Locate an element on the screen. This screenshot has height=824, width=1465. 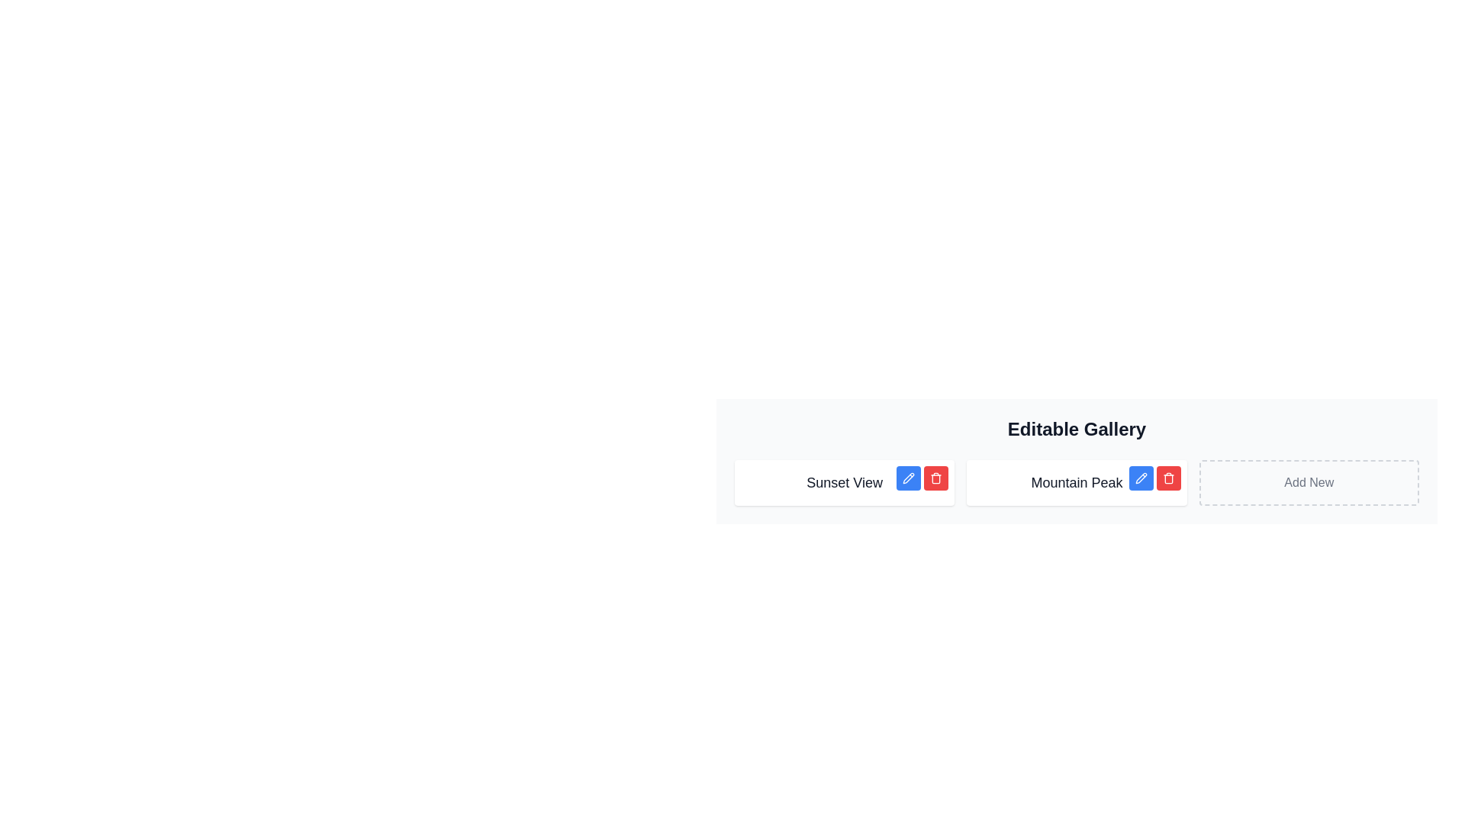
the delete icon button located within a red-rounded rectangle to the right of the 'Mountain Peak' text in the 'Editable Gallery' section is located at coordinates (935, 478).